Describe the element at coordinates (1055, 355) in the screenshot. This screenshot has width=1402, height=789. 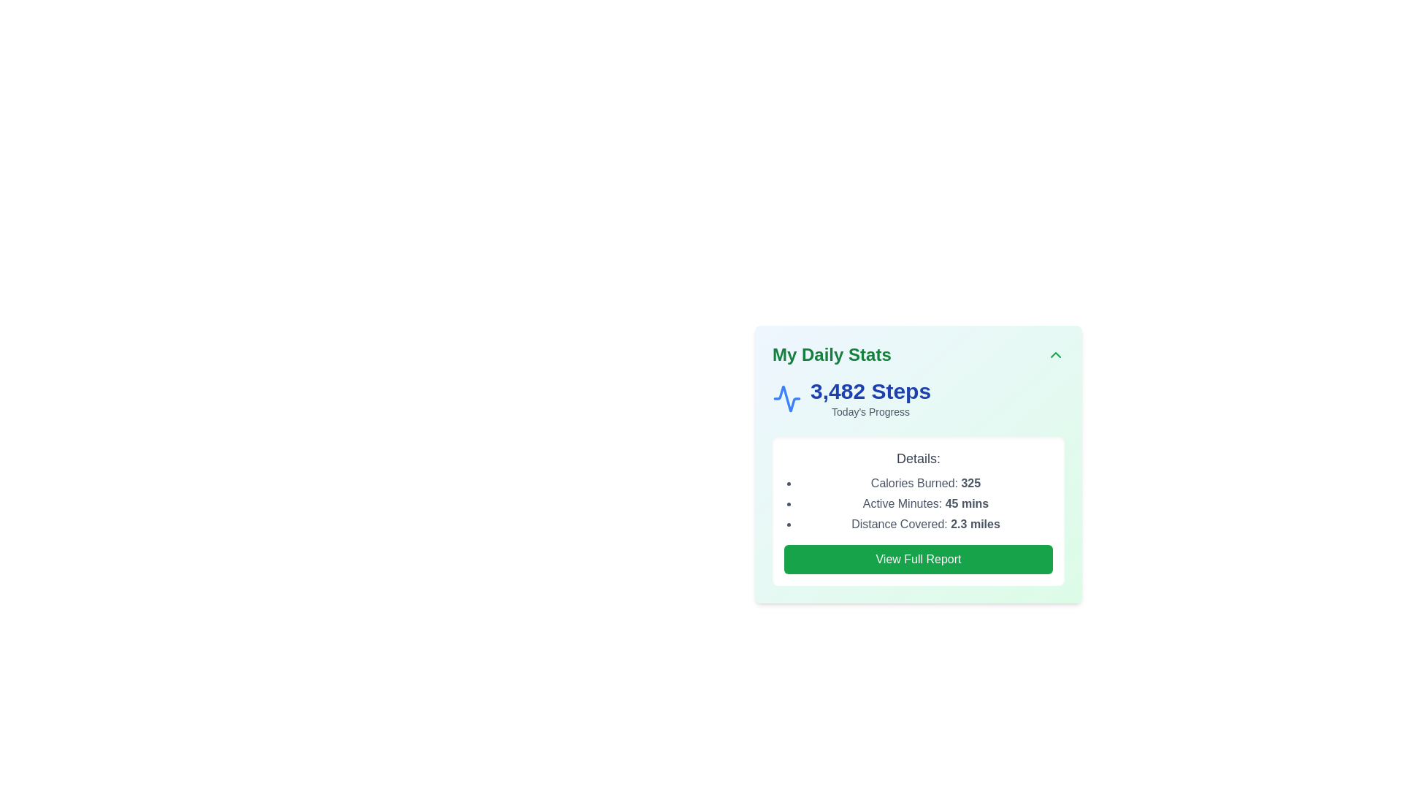
I see `the chevron button located at the top right corner of the 'My Daily Stats' section` at that location.